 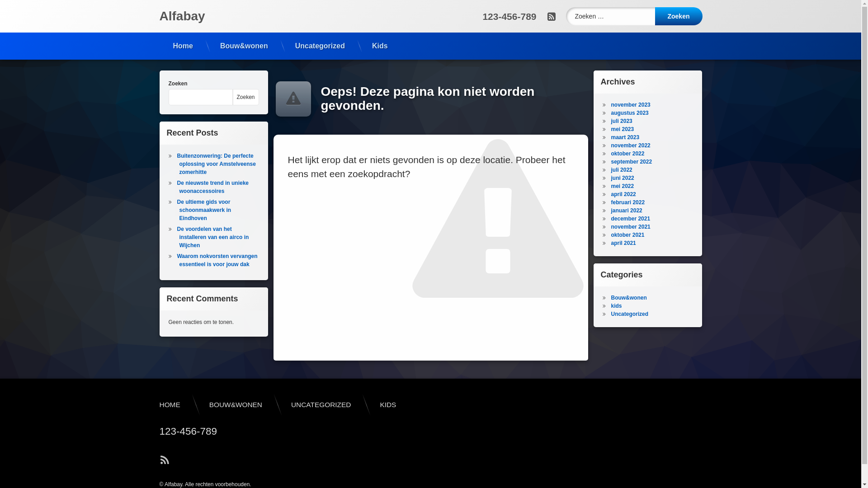 What do you see at coordinates (610, 226) in the screenshot?
I see `'november 2021'` at bounding box center [610, 226].